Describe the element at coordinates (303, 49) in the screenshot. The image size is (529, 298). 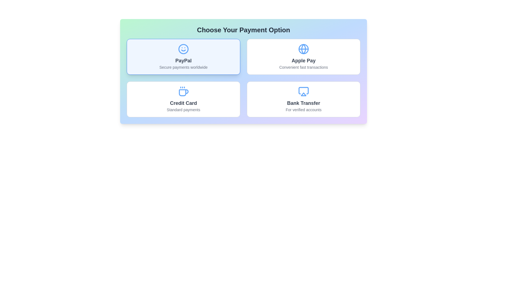
I see `the globe icon located in the top-right card titled 'Apple Pay', situated above the text 'Apple Pay' and 'Convenient fast transactions'` at that location.